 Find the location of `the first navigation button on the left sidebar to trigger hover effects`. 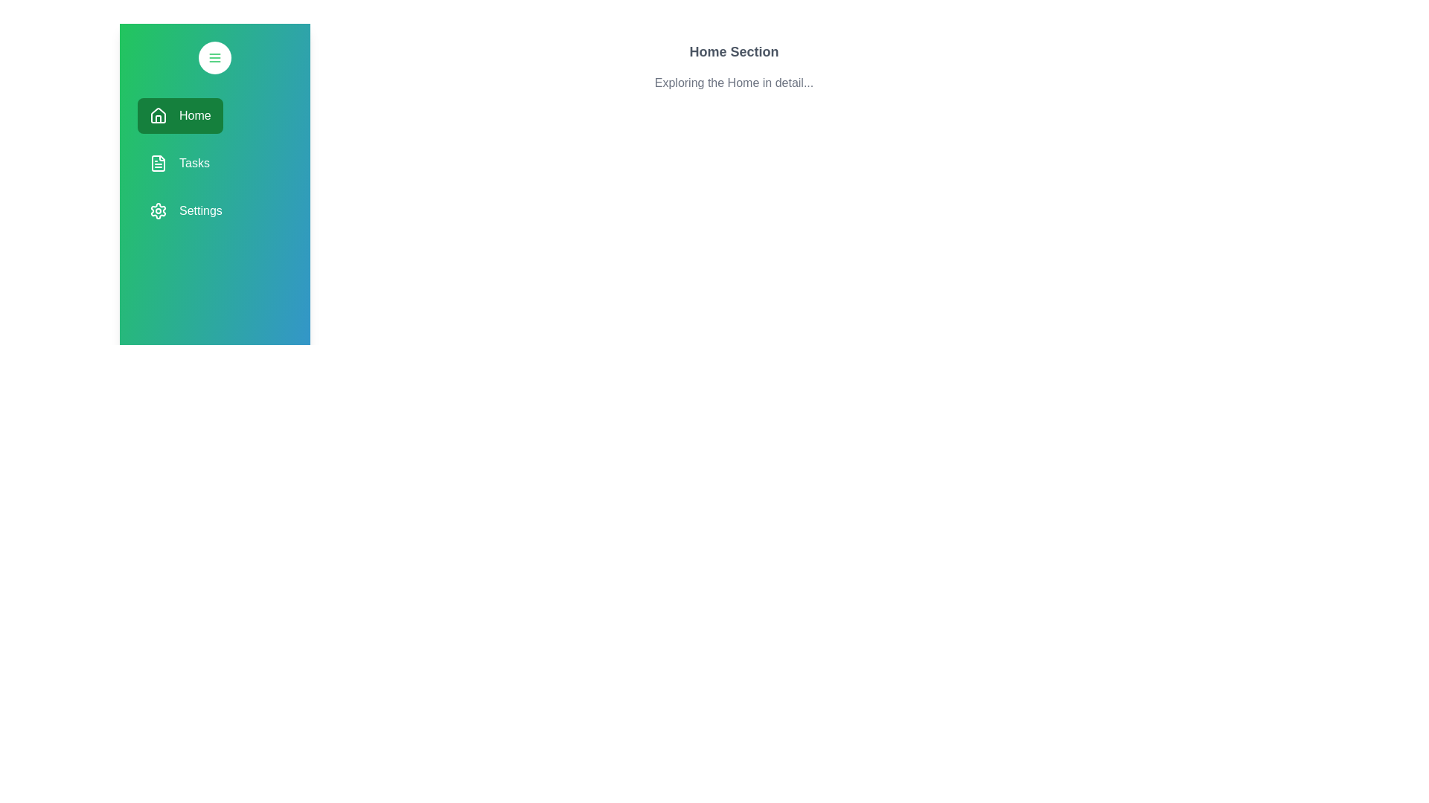

the first navigation button on the left sidebar to trigger hover effects is located at coordinates (179, 115).